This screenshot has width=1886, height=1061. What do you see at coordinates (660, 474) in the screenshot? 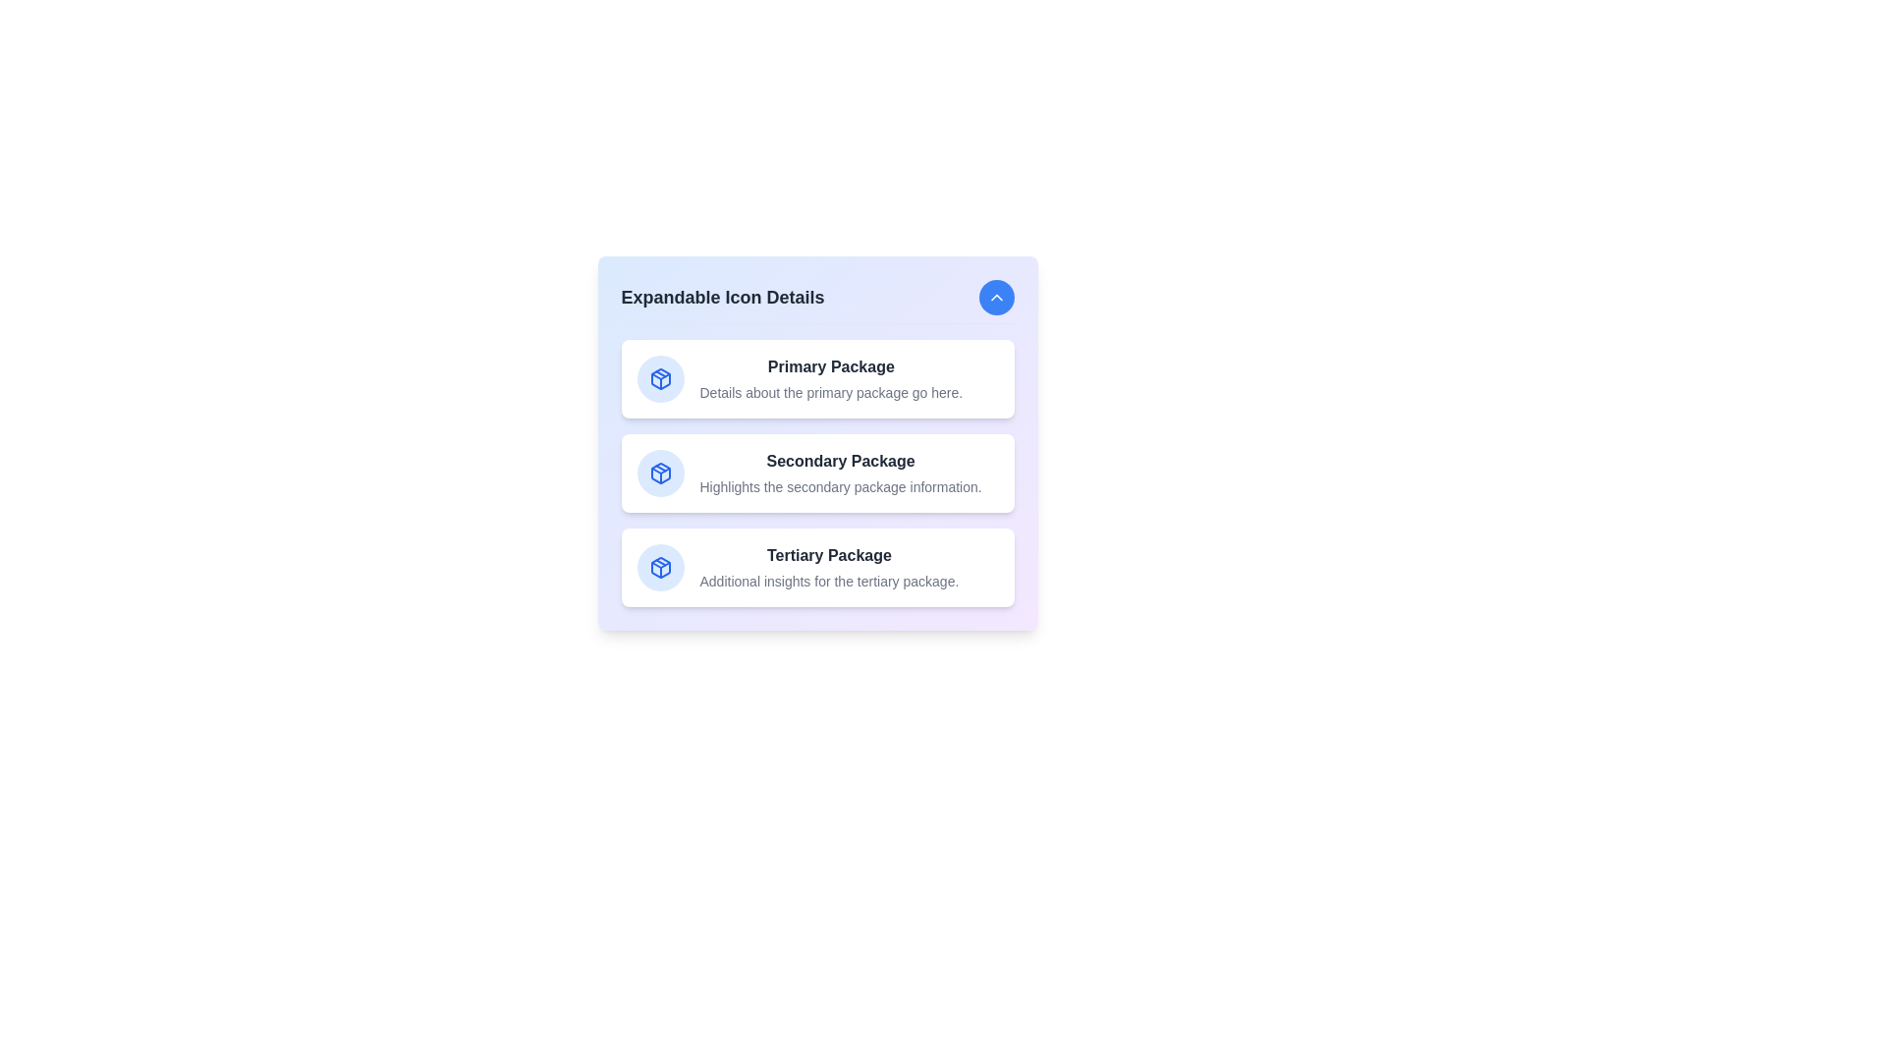
I see `the circular blue icon with a package graphic, located to the left of the 'Secondary Package' title and description` at bounding box center [660, 474].